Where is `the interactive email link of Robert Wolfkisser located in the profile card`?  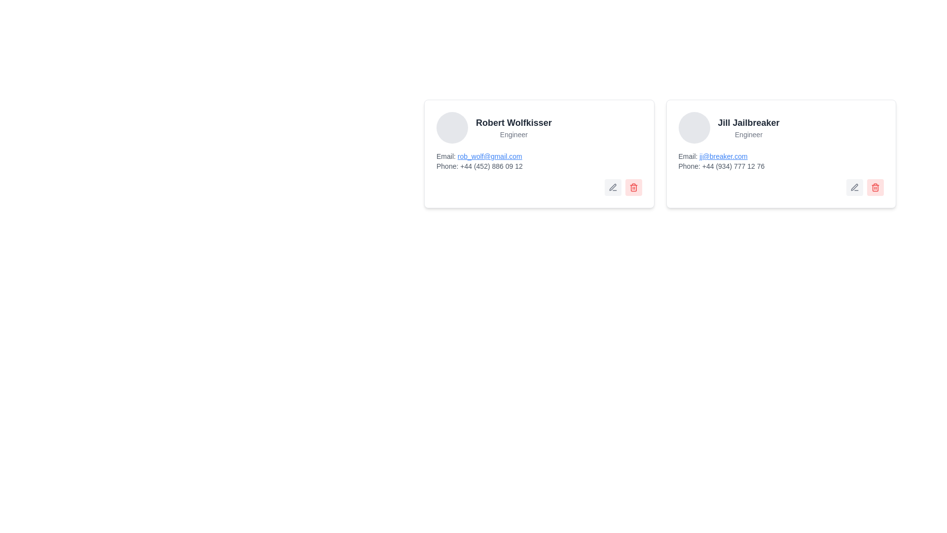 the interactive email link of Robert Wolfkisser located in the profile card is located at coordinates (539, 155).